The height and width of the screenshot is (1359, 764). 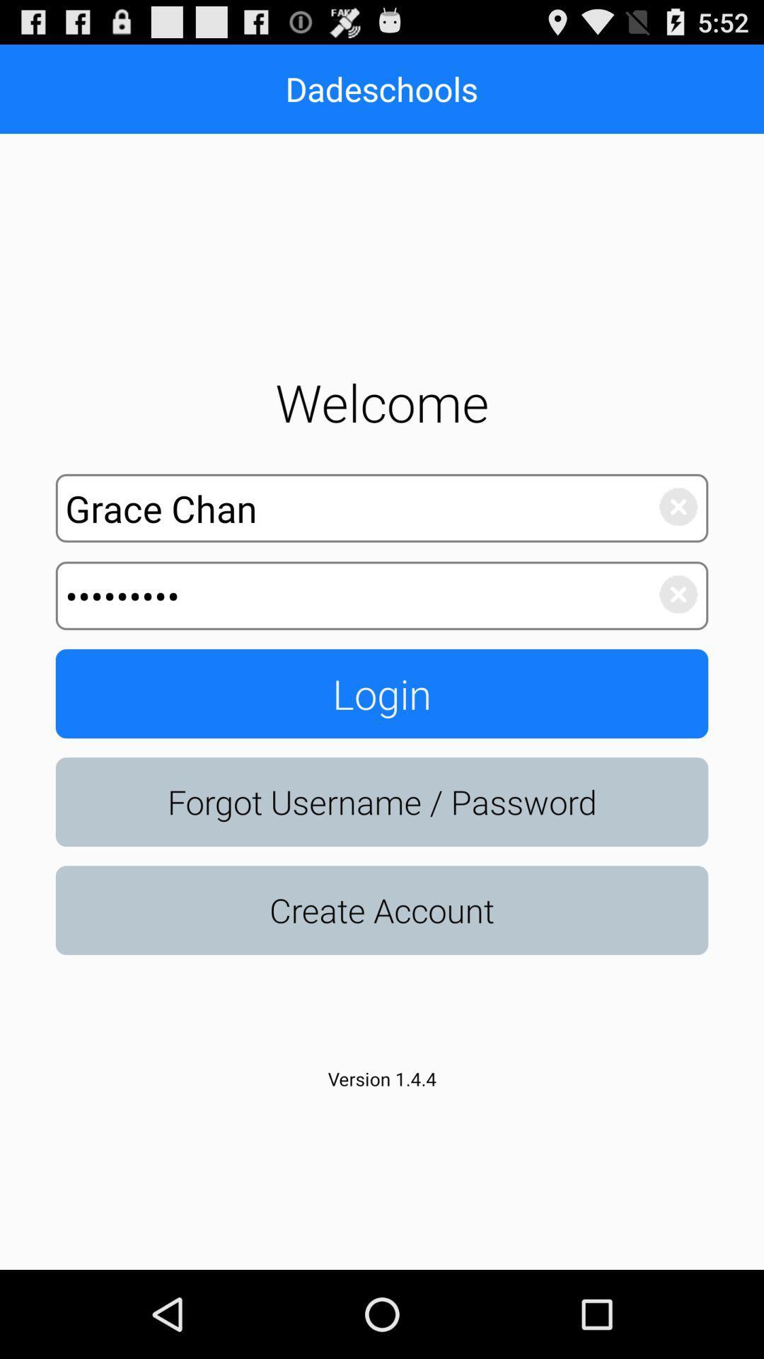 What do you see at coordinates (670, 595) in the screenshot?
I see `cancel` at bounding box center [670, 595].